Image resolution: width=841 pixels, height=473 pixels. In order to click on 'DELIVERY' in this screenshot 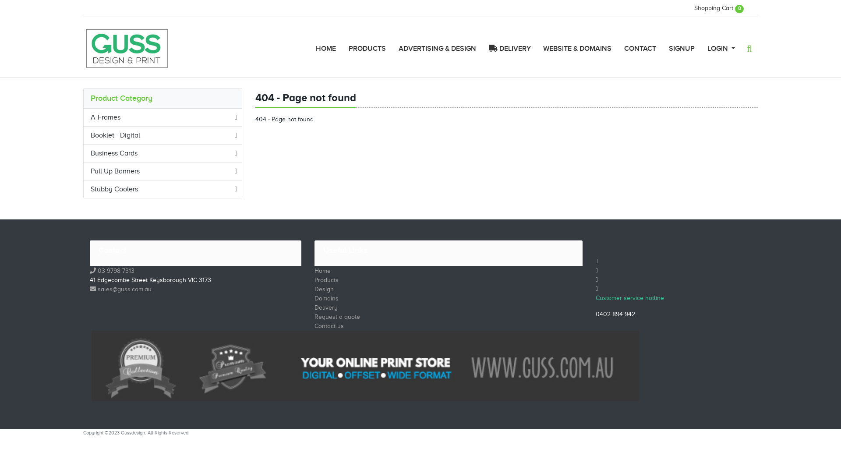, I will do `click(509, 49)`.